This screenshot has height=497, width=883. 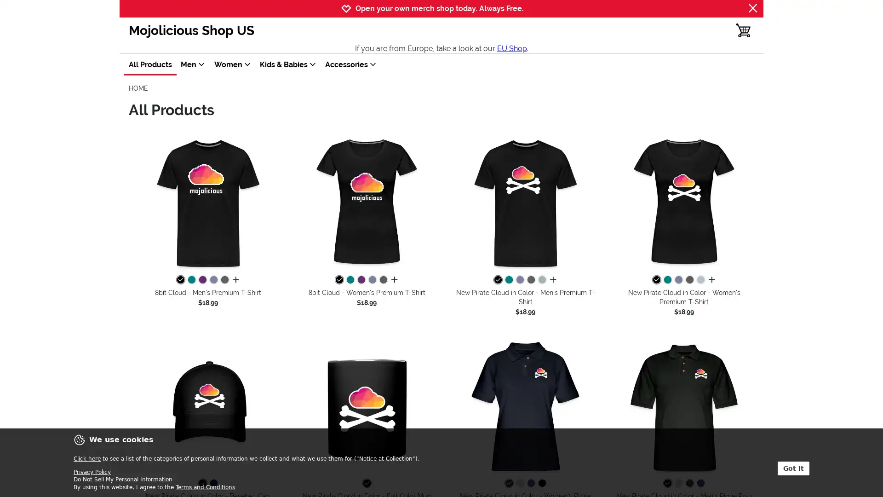 What do you see at coordinates (497, 280) in the screenshot?
I see `black` at bounding box center [497, 280].